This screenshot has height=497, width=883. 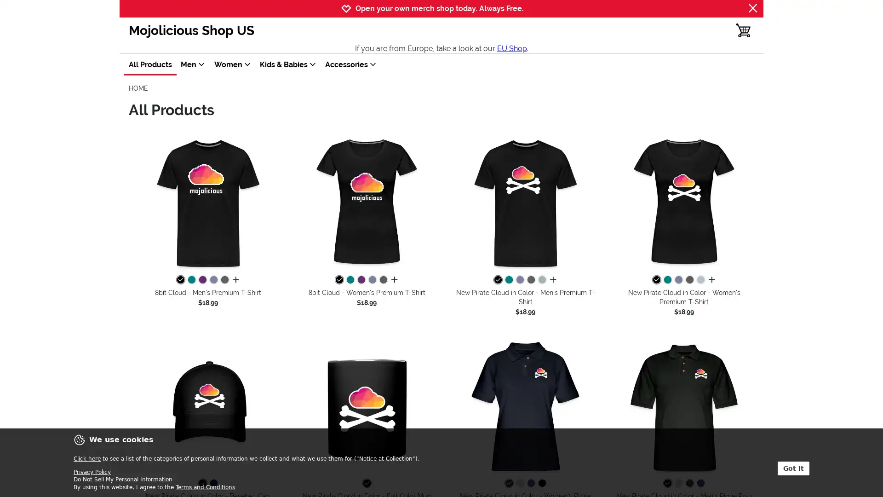 What do you see at coordinates (497, 280) in the screenshot?
I see `black` at bounding box center [497, 280].